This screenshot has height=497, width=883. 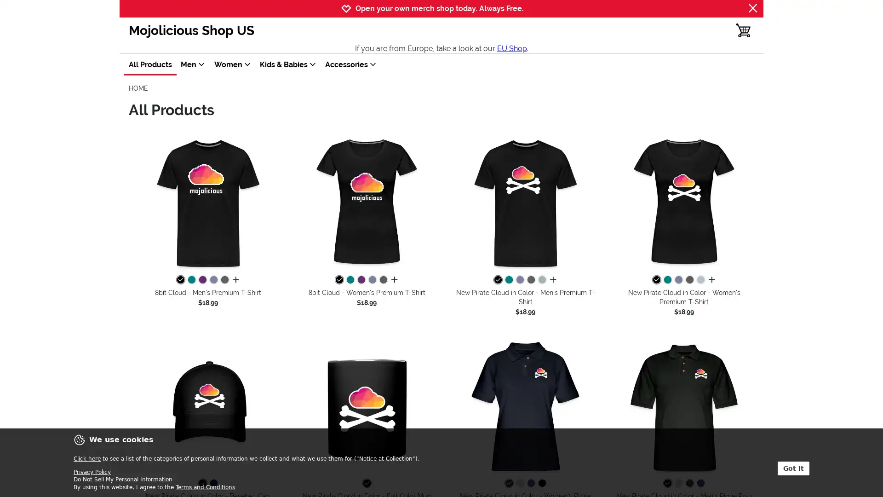 What do you see at coordinates (497, 280) in the screenshot?
I see `black` at bounding box center [497, 280].